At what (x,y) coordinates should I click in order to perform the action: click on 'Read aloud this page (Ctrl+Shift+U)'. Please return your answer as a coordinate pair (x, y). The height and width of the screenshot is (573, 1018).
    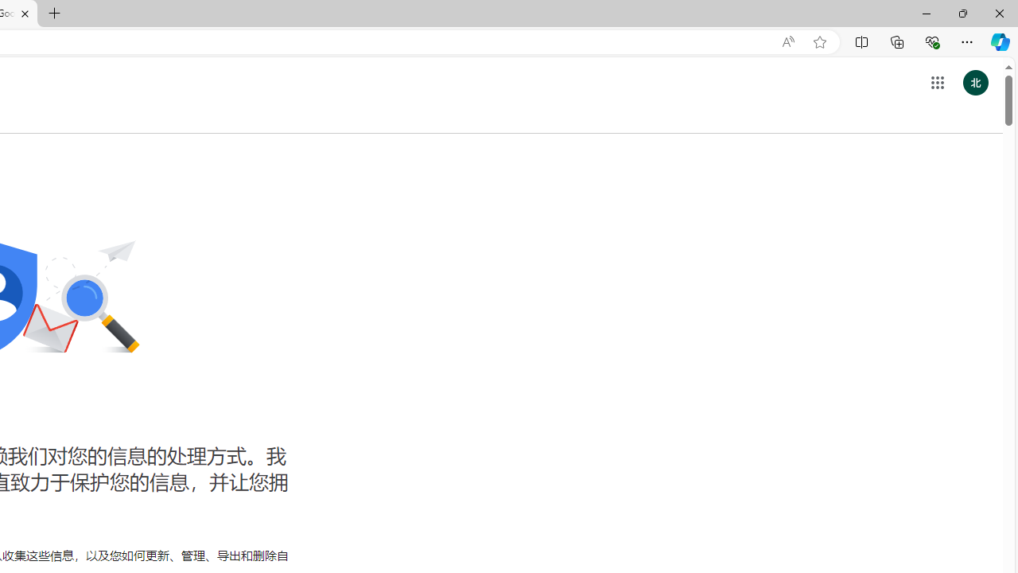
    Looking at the image, I should click on (788, 41).